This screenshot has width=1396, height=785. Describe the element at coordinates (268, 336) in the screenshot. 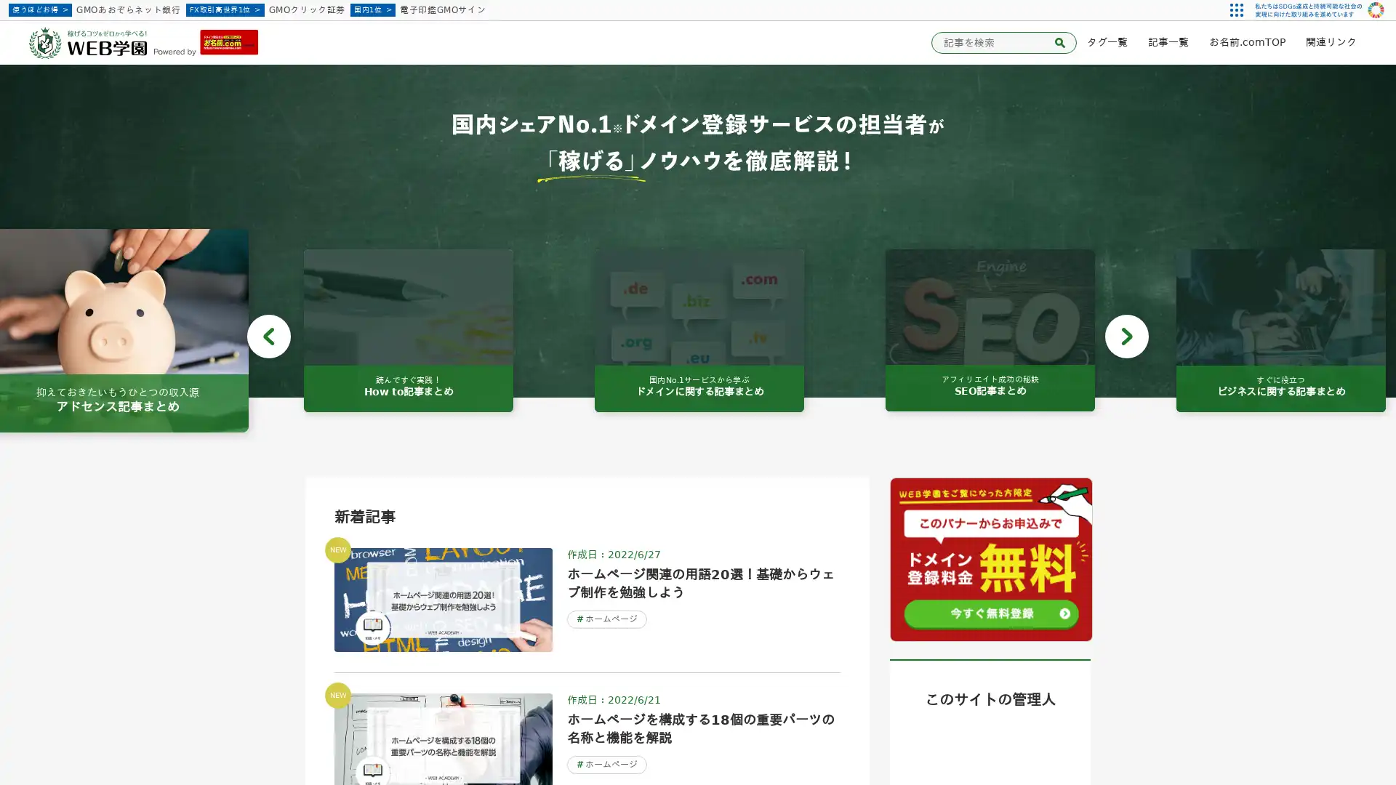

I see `Previous slide` at that location.